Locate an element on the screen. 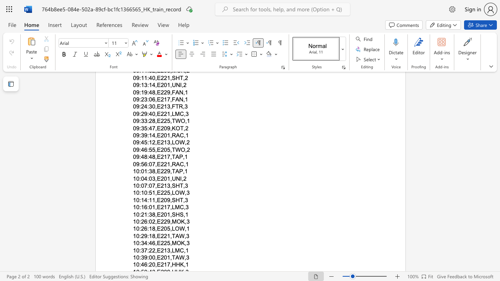 The image size is (500, 281). the subset text "AW,3" within the text "10:39:00,E201,TAW,3" is located at coordinates (175, 257).